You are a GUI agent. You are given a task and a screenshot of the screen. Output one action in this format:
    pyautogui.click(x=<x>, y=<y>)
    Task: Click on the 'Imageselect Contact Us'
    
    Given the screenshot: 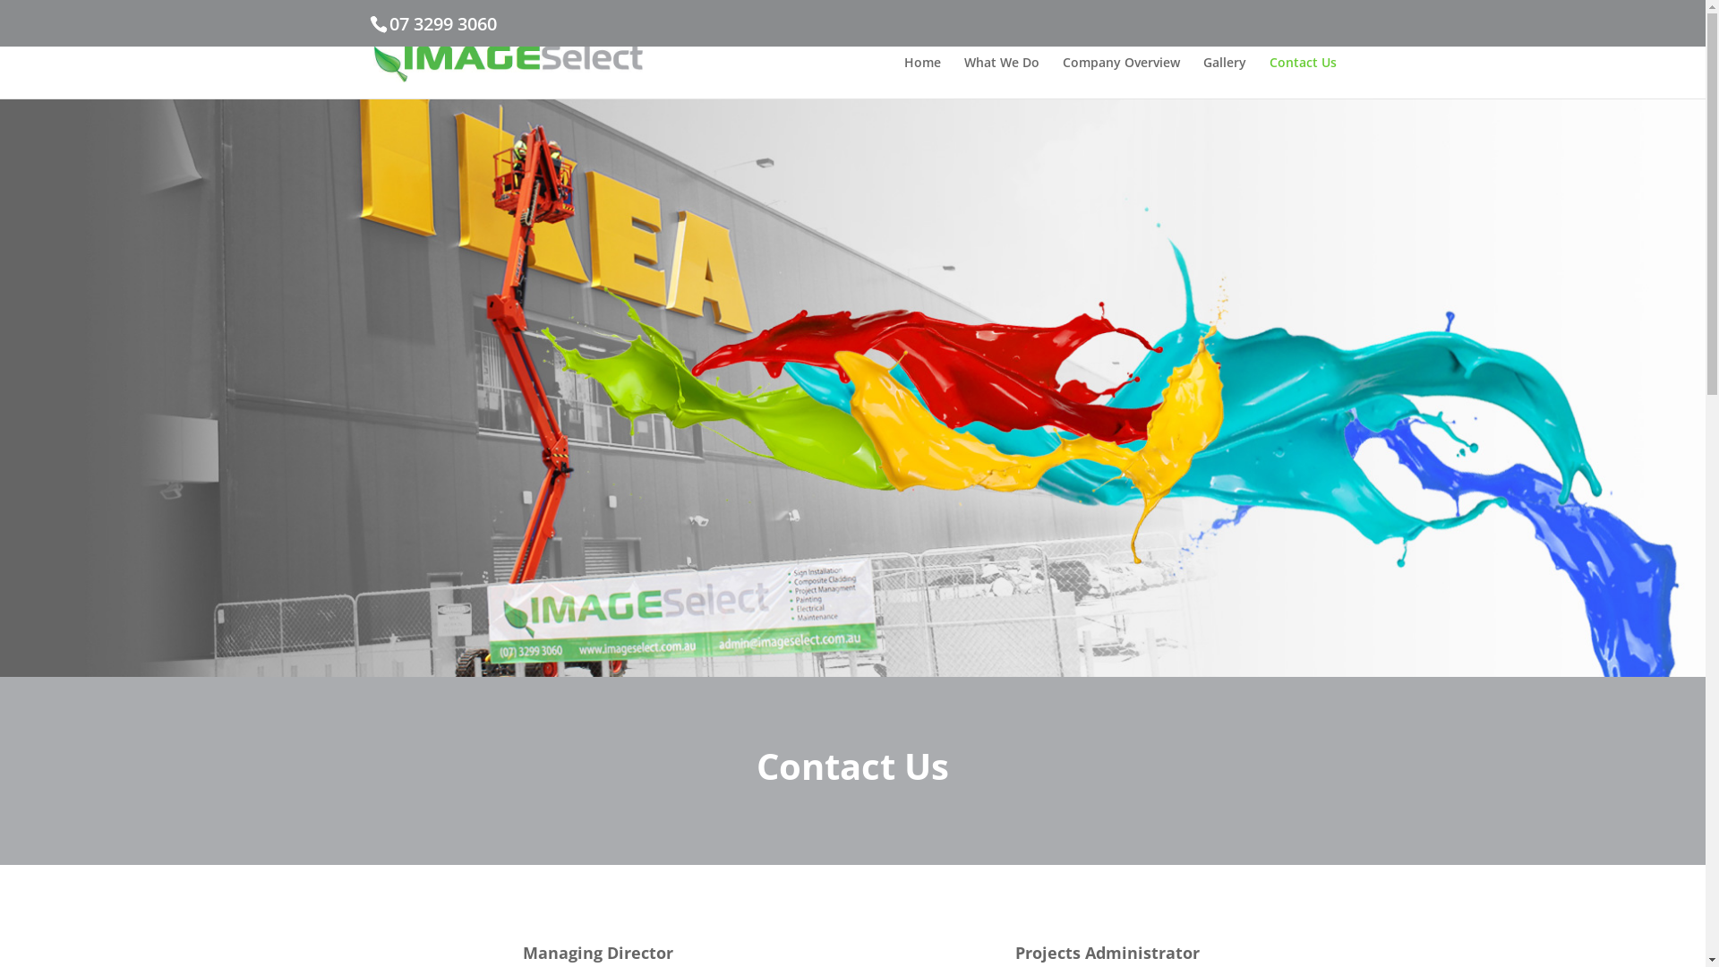 What is the action you would take?
    pyautogui.click(x=851, y=387)
    